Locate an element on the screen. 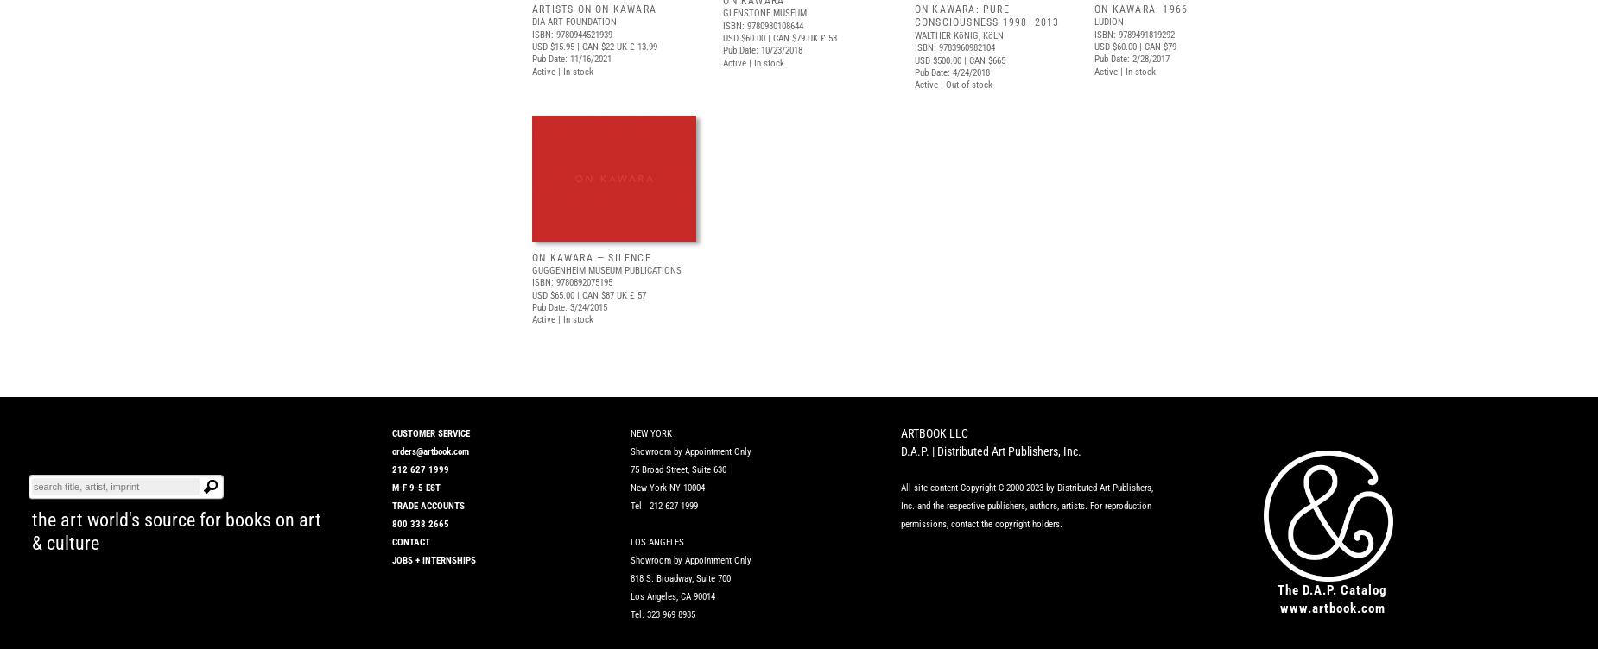 This screenshot has width=1598, height=649. 'NEW YORK' is located at coordinates (631, 432).